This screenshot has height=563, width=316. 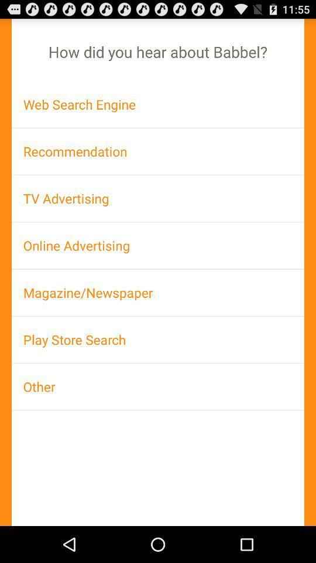 I want to click on the app above the tv advertising app, so click(x=158, y=151).